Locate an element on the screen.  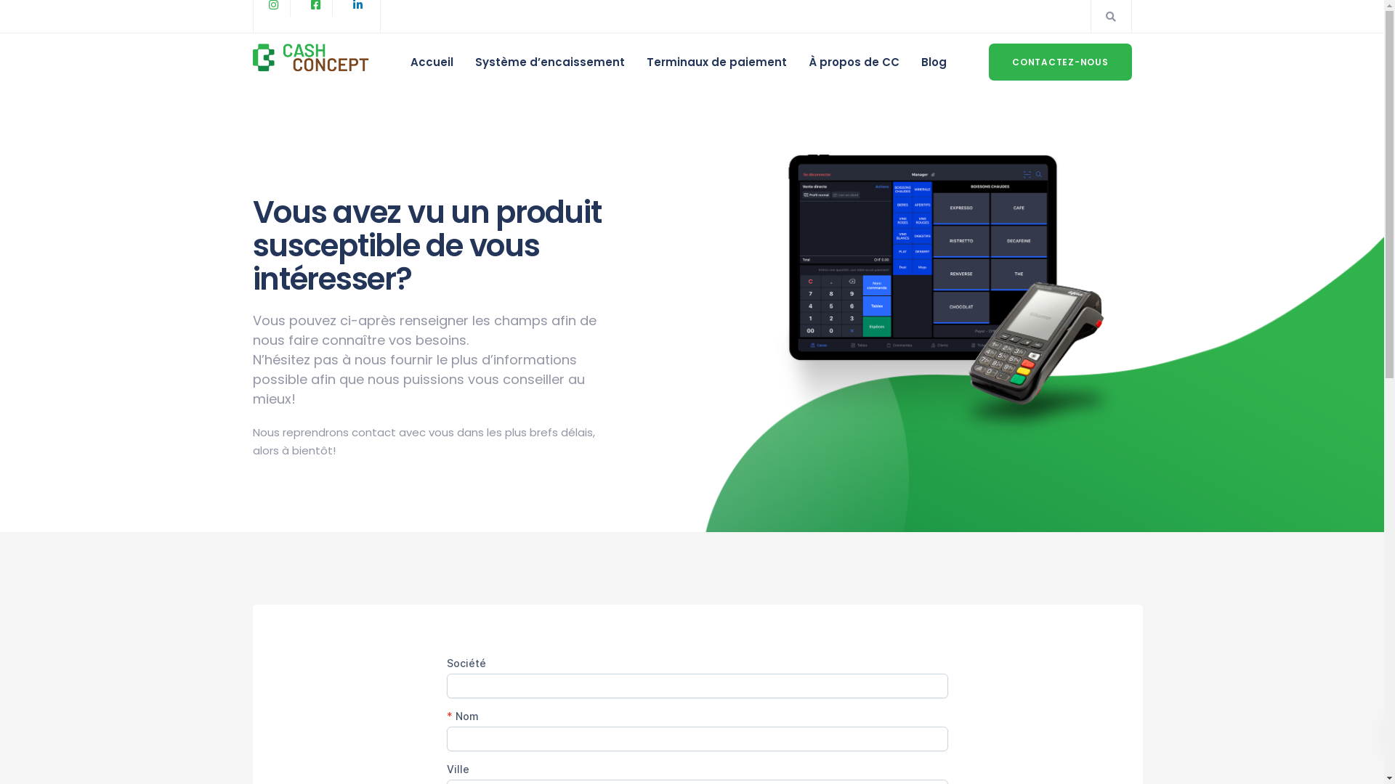
'Terminaux de paiement' is located at coordinates (716, 61).